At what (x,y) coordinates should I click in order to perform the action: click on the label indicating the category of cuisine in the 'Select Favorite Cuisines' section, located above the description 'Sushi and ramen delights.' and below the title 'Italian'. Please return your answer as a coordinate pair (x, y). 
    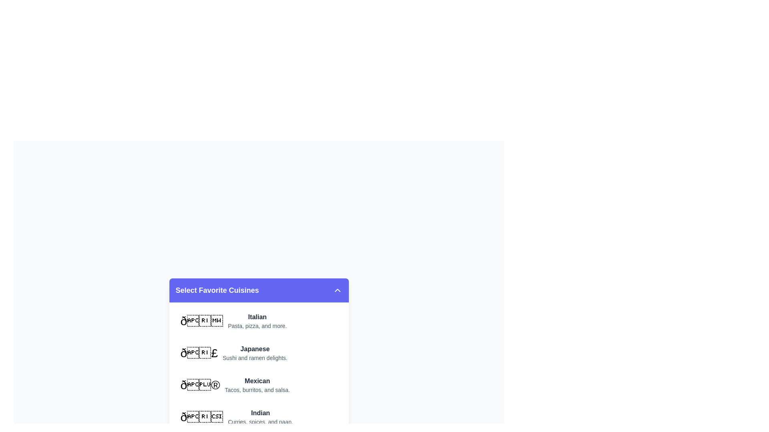
    Looking at the image, I should click on (254, 348).